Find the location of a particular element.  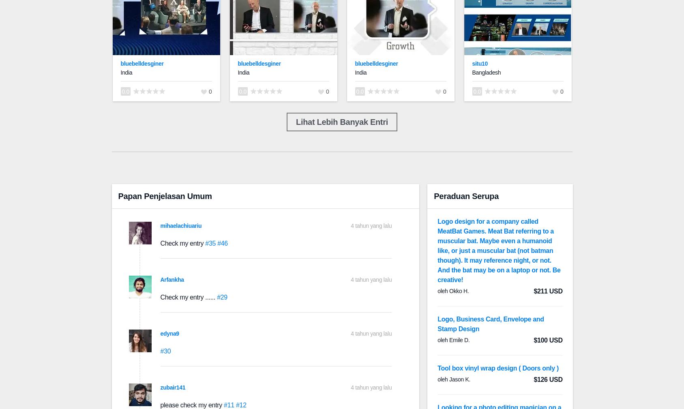

'mihaelachiuariu' is located at coordinates (181, 225).